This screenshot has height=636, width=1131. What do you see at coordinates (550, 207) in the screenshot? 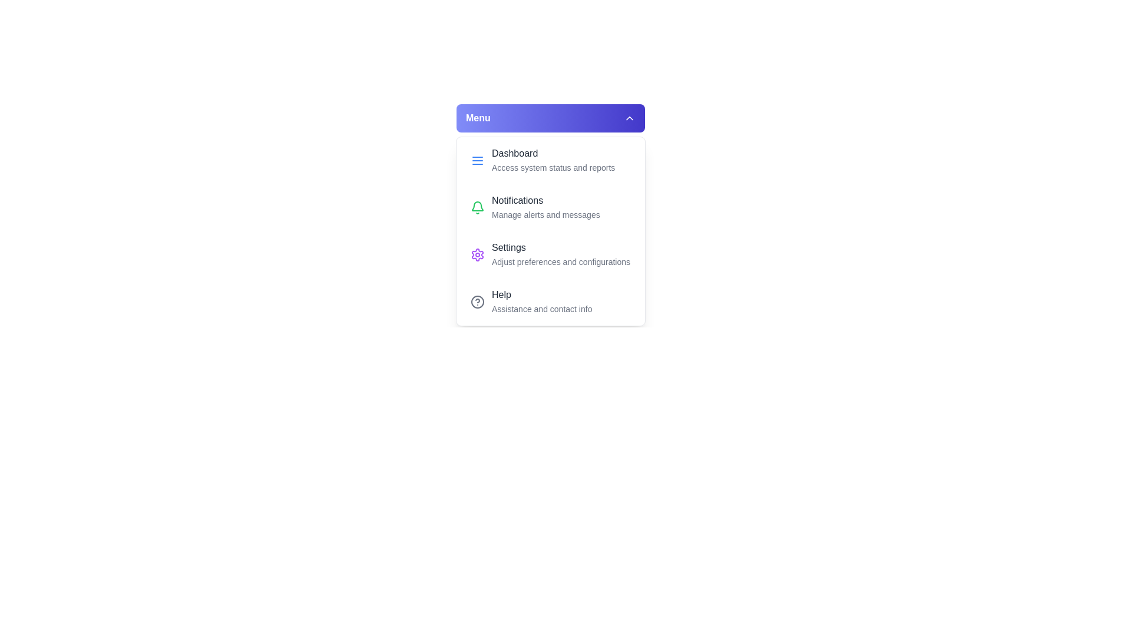
I see `the second menu item in the drop-down menu under the 'Menu' section header` at bounding box center [550, 207].